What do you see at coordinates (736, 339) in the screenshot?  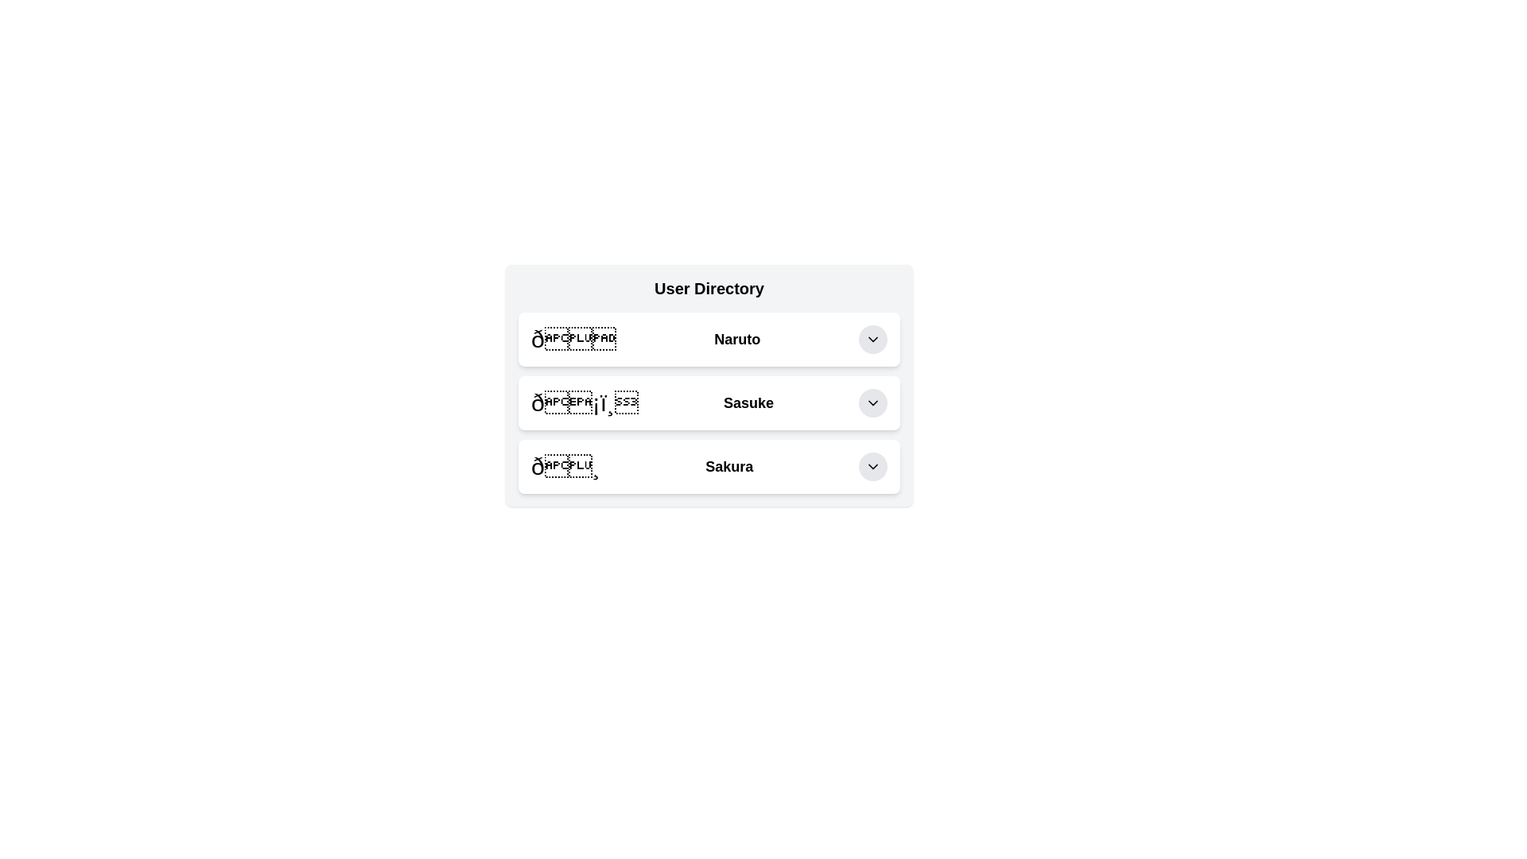 I see `the 'Naruto' text label, which is bold and medium-sized, located in the first user card of the 'User Directory' list, positioned between a globe emoji and a dropdown button` at bounding box center [736, 339].